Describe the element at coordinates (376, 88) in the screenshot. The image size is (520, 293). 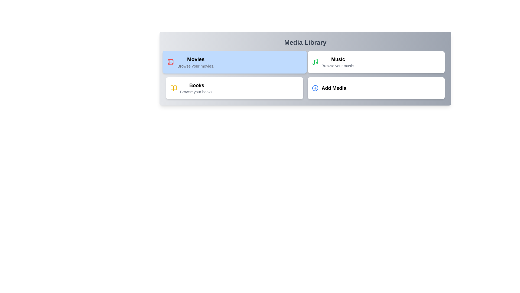
I see `the Add Media category to activate it` at that location.